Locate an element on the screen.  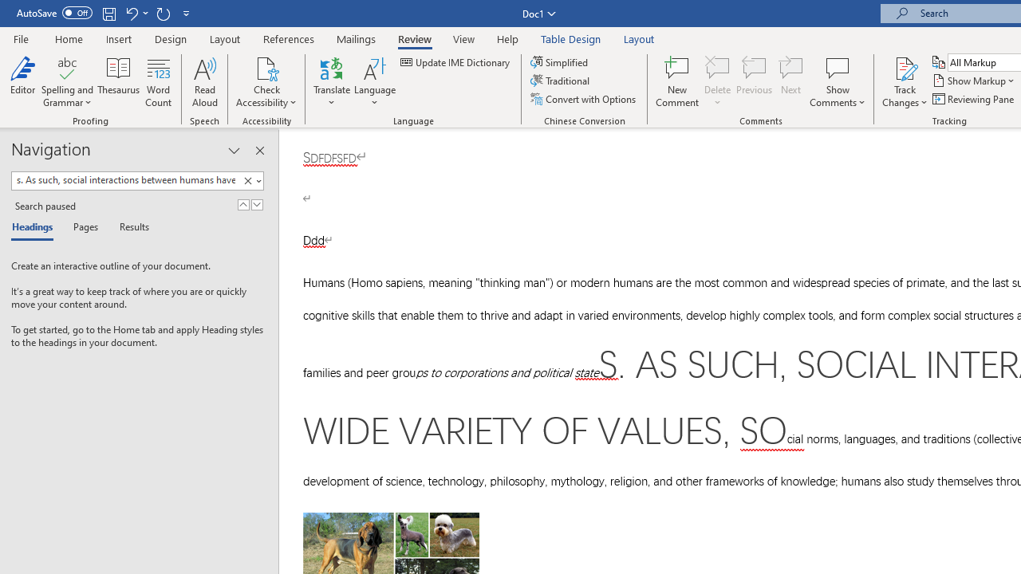
'Next' is located at coordinates (791, 82).